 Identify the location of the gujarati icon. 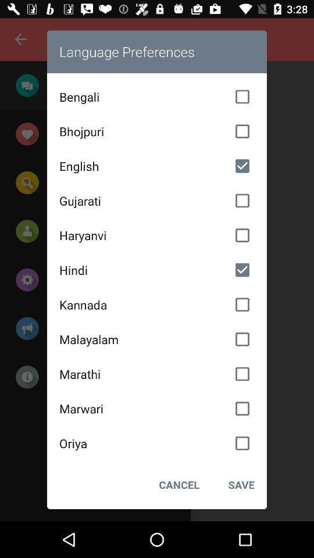
(157, 201).